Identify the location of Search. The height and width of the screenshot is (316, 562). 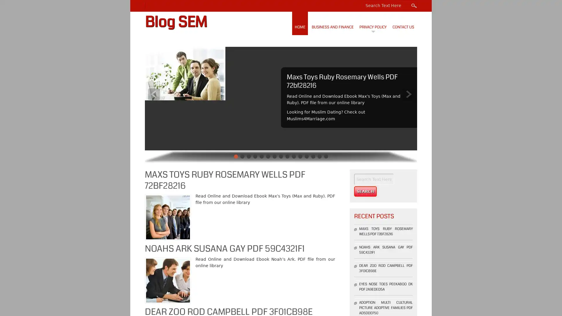
(365, 191).